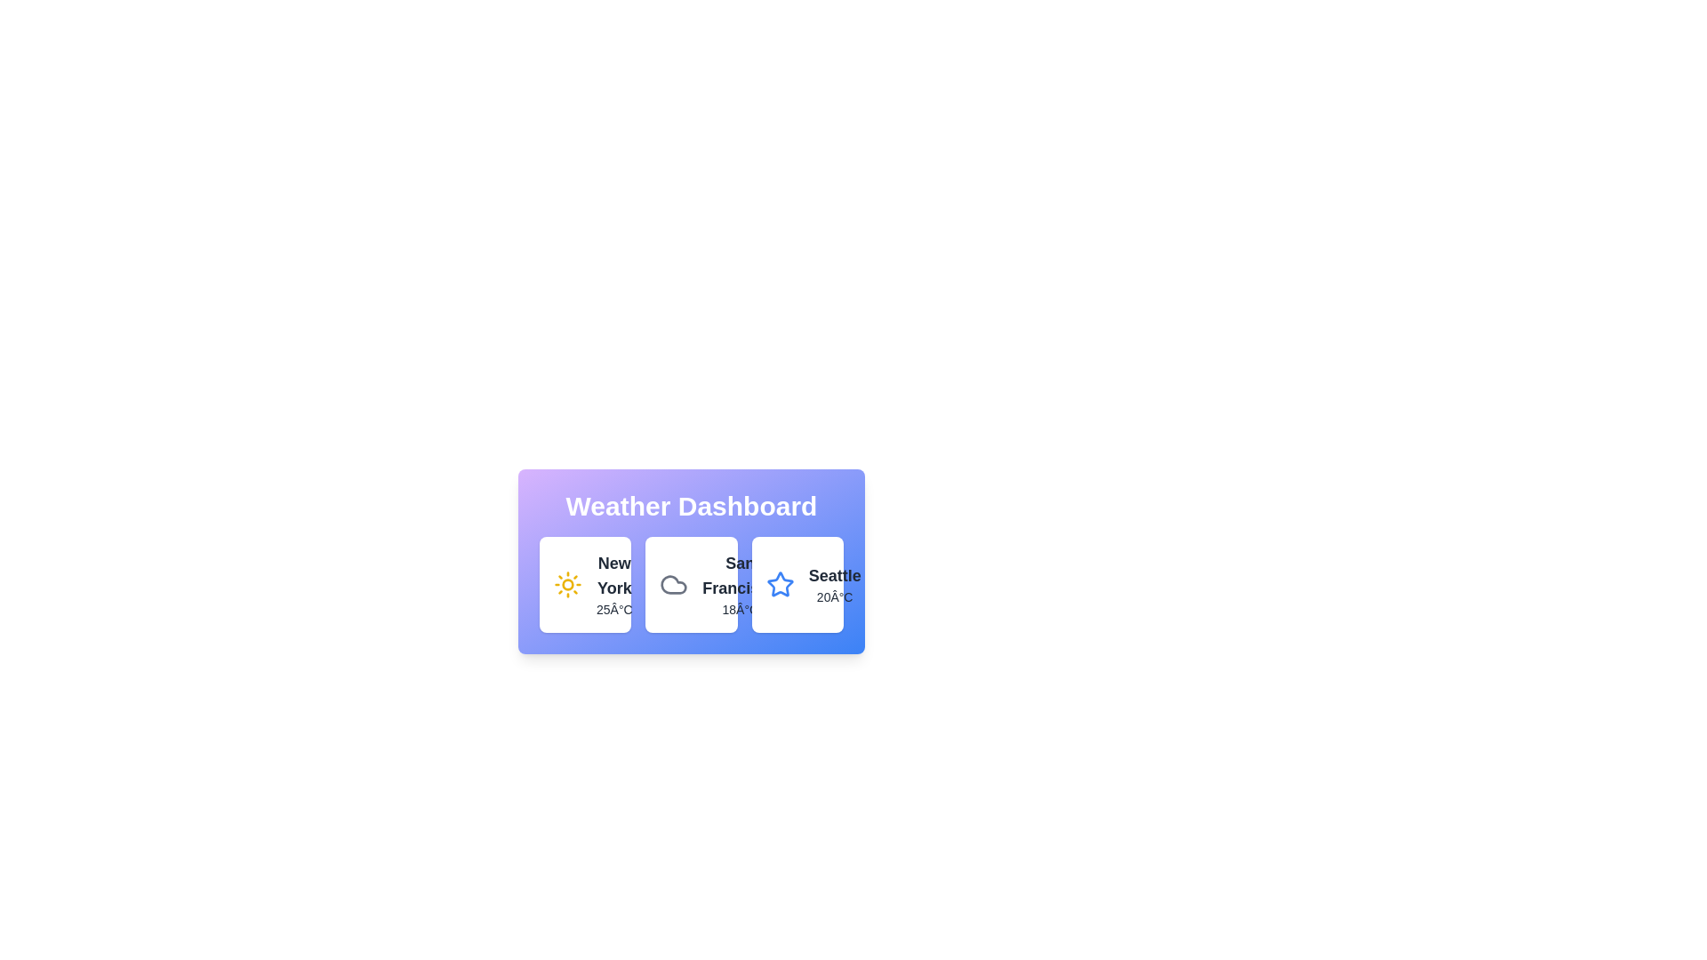 The image size is (1707, 960). Describe the element at coordinates (740, 576) in the screenshot. I see `the text label that identifies the location name in the weather widget, located between 'New York' and 'Seattle' and above the temperature indication ('18°C')` at that location.